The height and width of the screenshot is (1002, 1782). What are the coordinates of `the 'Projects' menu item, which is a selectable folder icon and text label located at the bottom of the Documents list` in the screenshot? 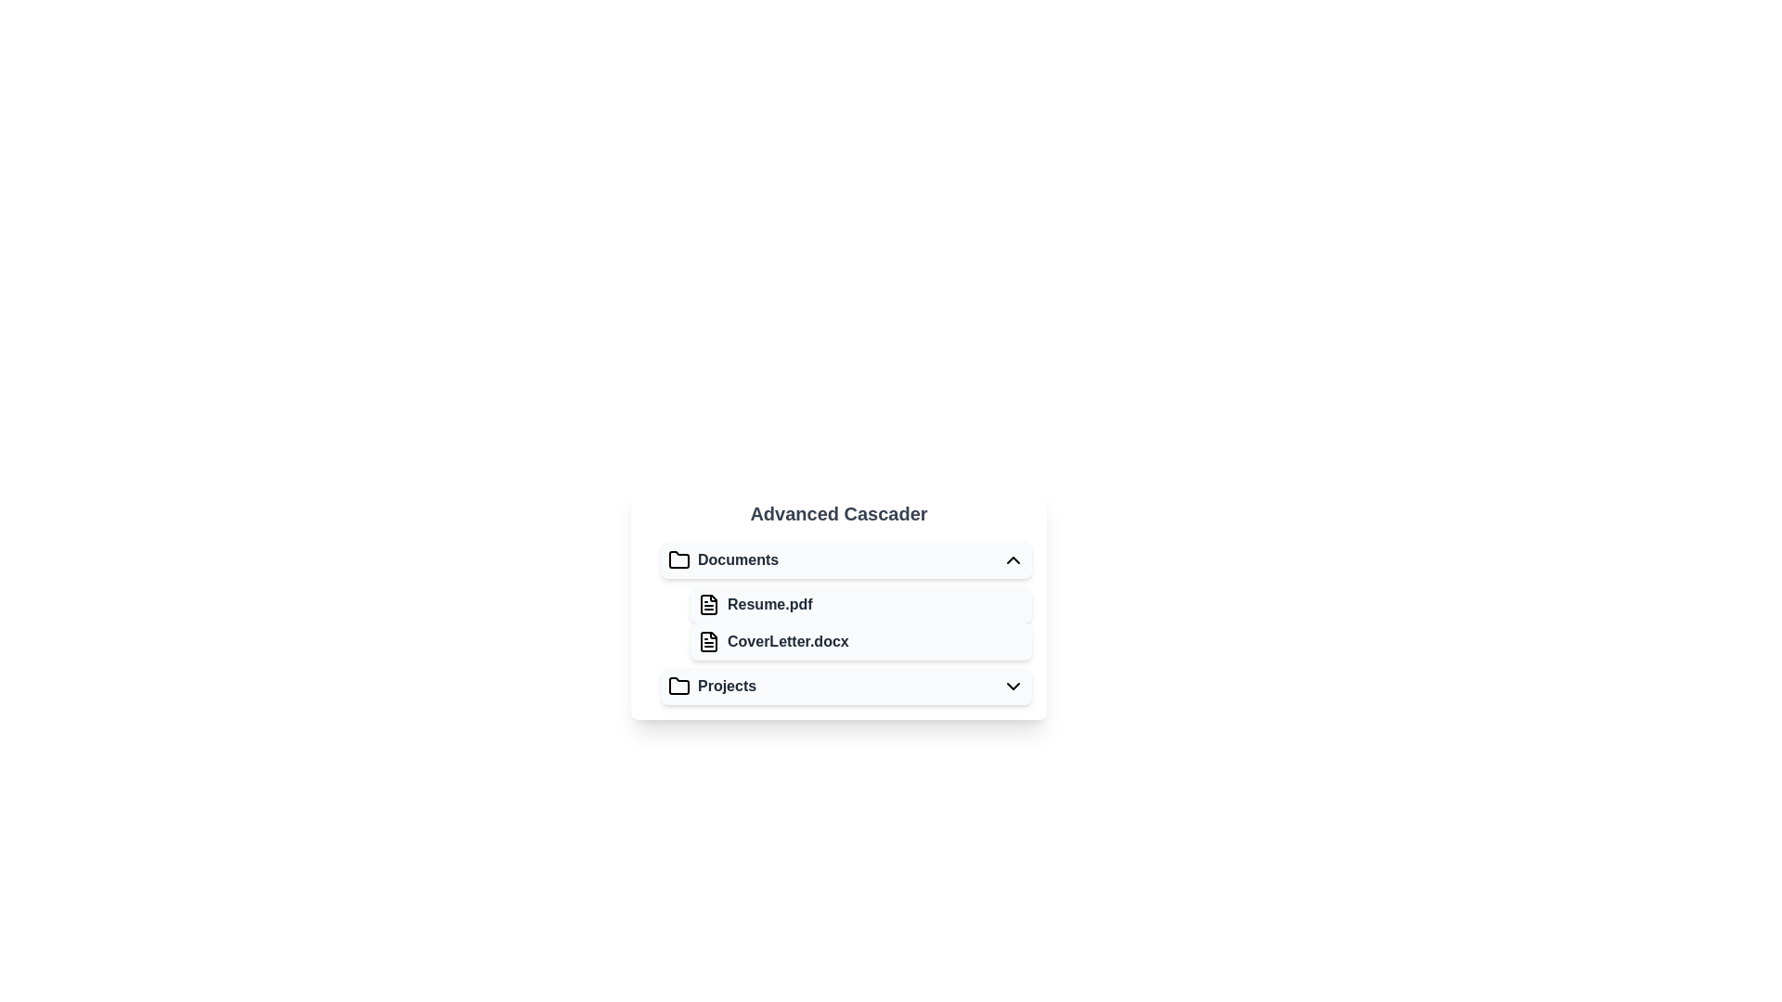 It's located at (711, 687).